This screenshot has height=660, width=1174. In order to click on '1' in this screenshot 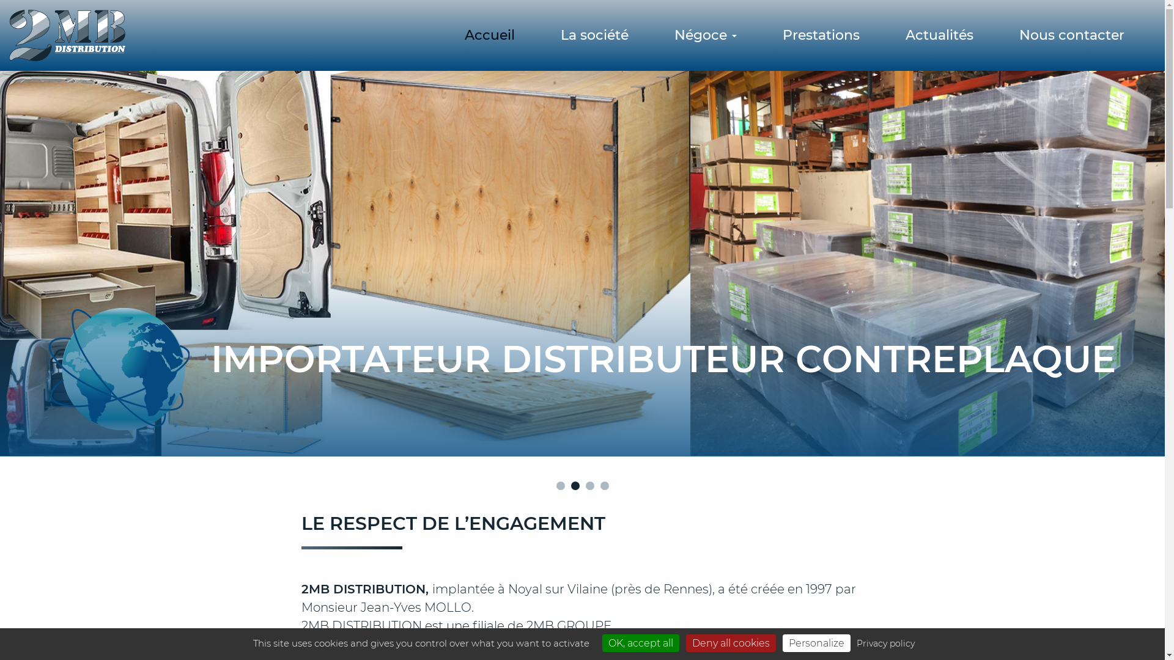, I will do `click(559, 485)`.